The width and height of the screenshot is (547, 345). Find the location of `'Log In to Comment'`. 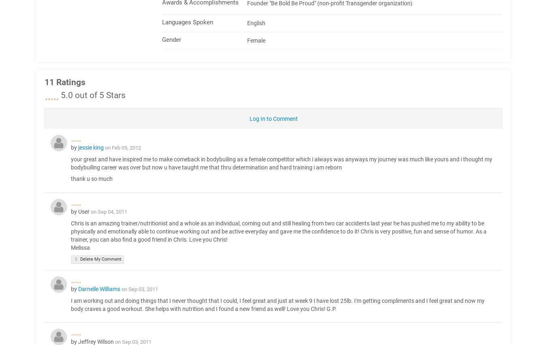

'Log In to Comment' is located at coordinates (273, 118).